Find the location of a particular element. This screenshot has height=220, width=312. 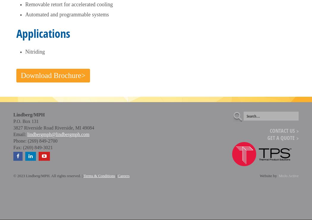

'Contact Us' is located at coordinates (282, 130).